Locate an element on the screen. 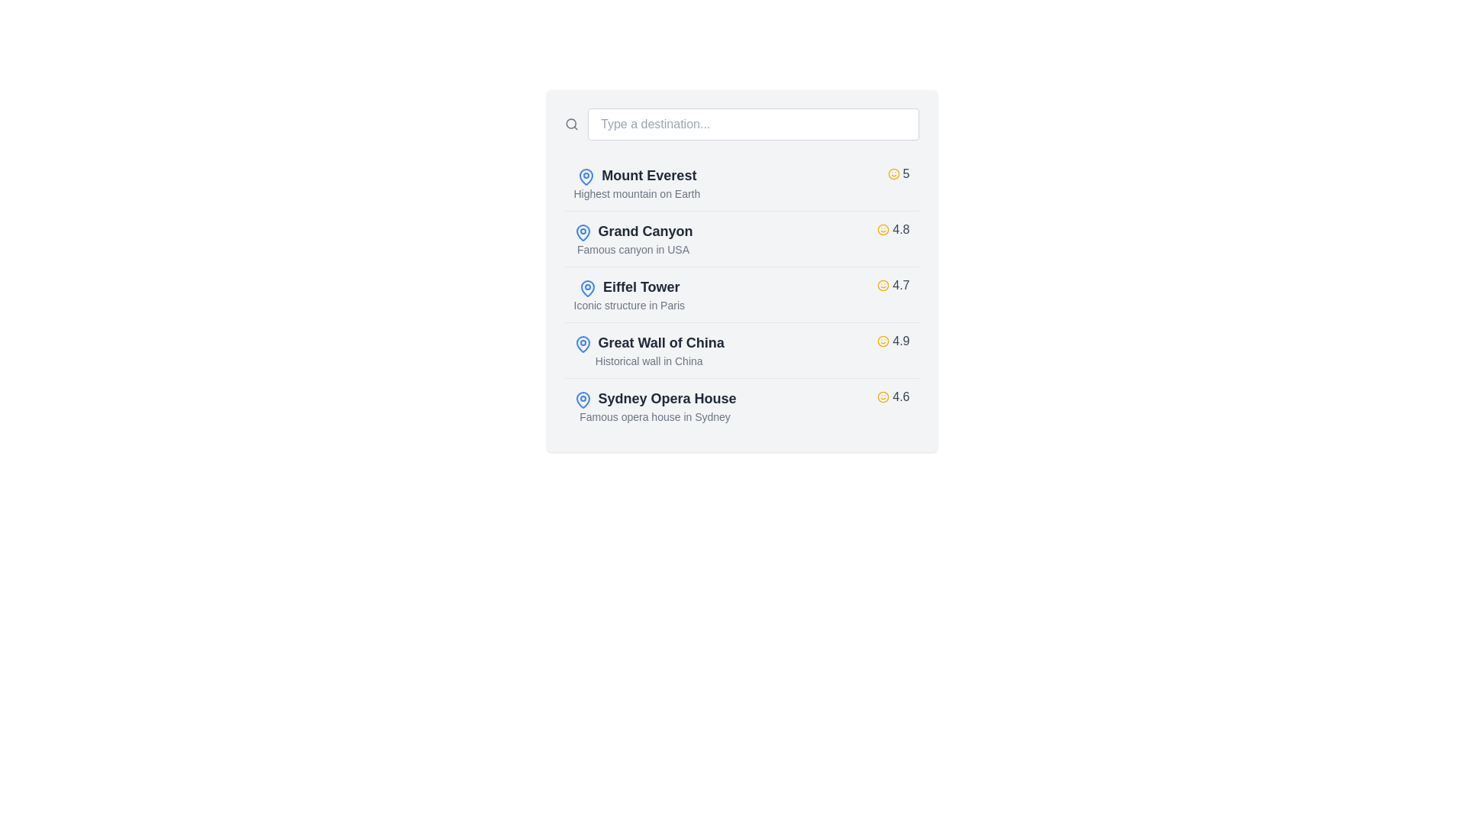  the entries in the vertically oriented list of tourist attractions is located at coordinates (741, 294).